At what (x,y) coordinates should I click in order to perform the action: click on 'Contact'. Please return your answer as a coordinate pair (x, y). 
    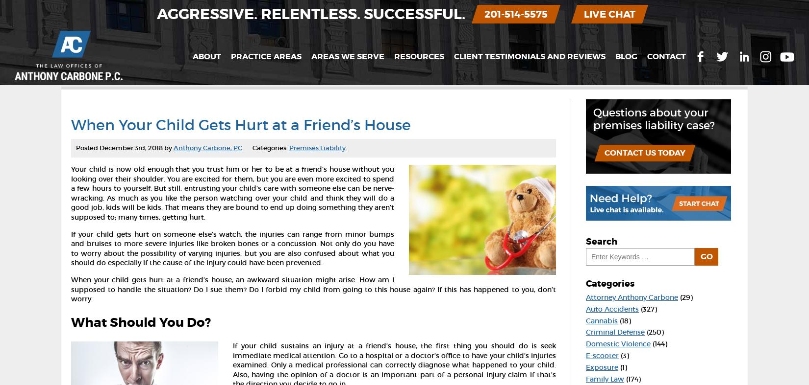
    Looking at the image, I should click on (666, 56).